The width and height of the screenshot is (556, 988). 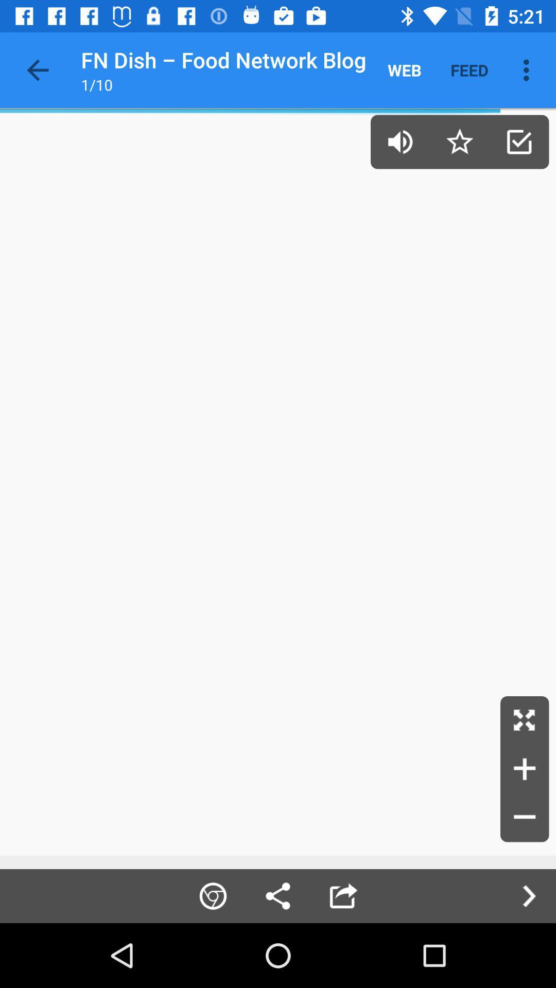 What do you see at coordinates (404, 69) in the screenshot?
I see `the app next to fn dish food icon` at bounding box center [404, 69].